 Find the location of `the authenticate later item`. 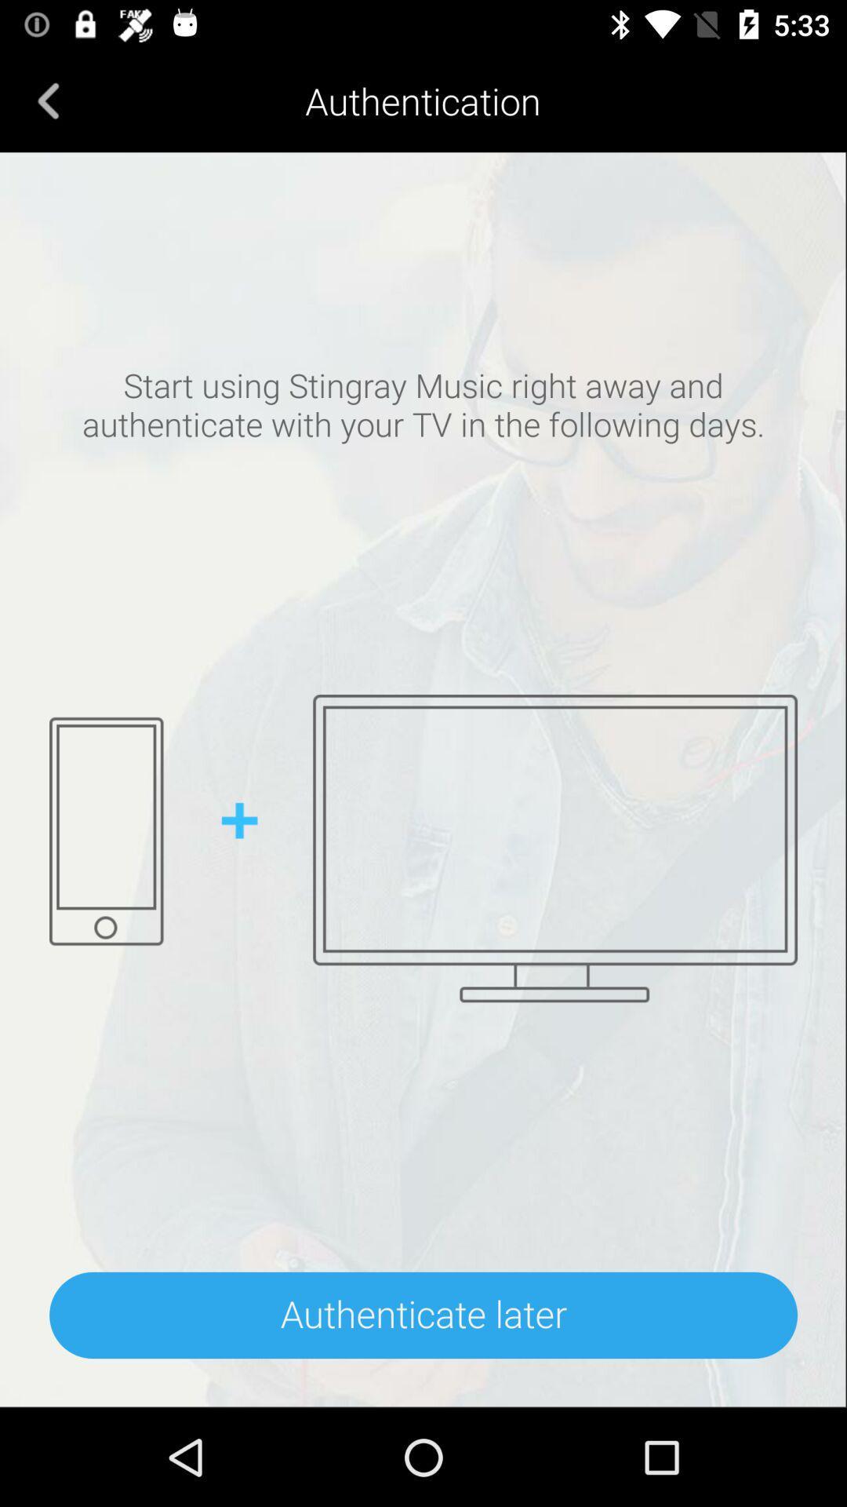

the authenticate later item is located at coordinates (423, 1315).